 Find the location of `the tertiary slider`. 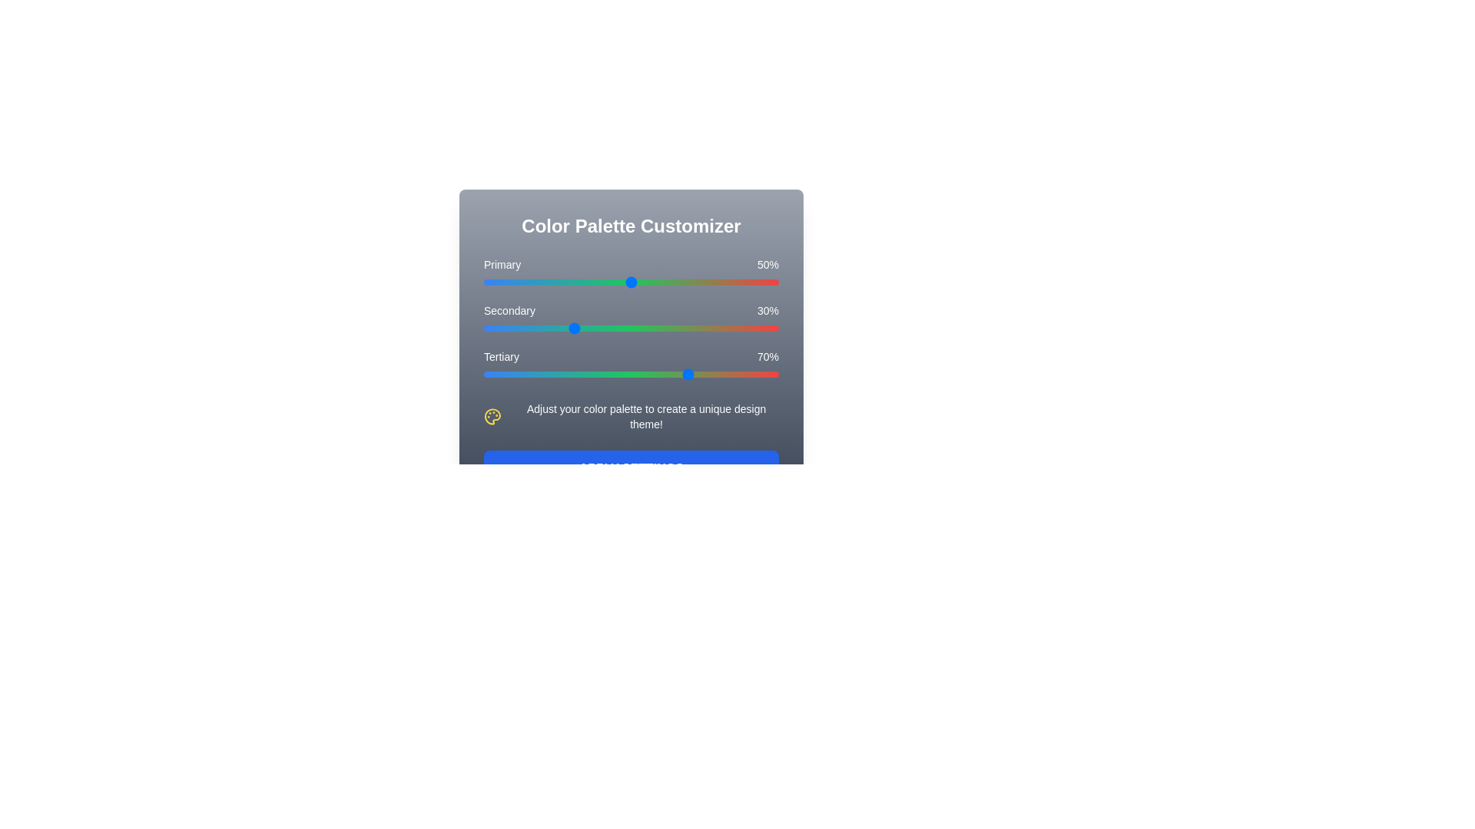

the tertiary slider is located at coordinates (574, 375).